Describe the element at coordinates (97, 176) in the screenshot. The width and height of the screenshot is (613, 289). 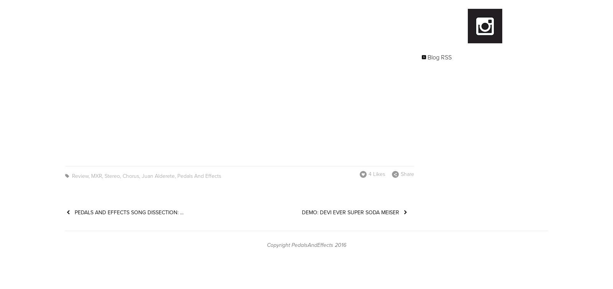
I see `'MXR'` at that location.